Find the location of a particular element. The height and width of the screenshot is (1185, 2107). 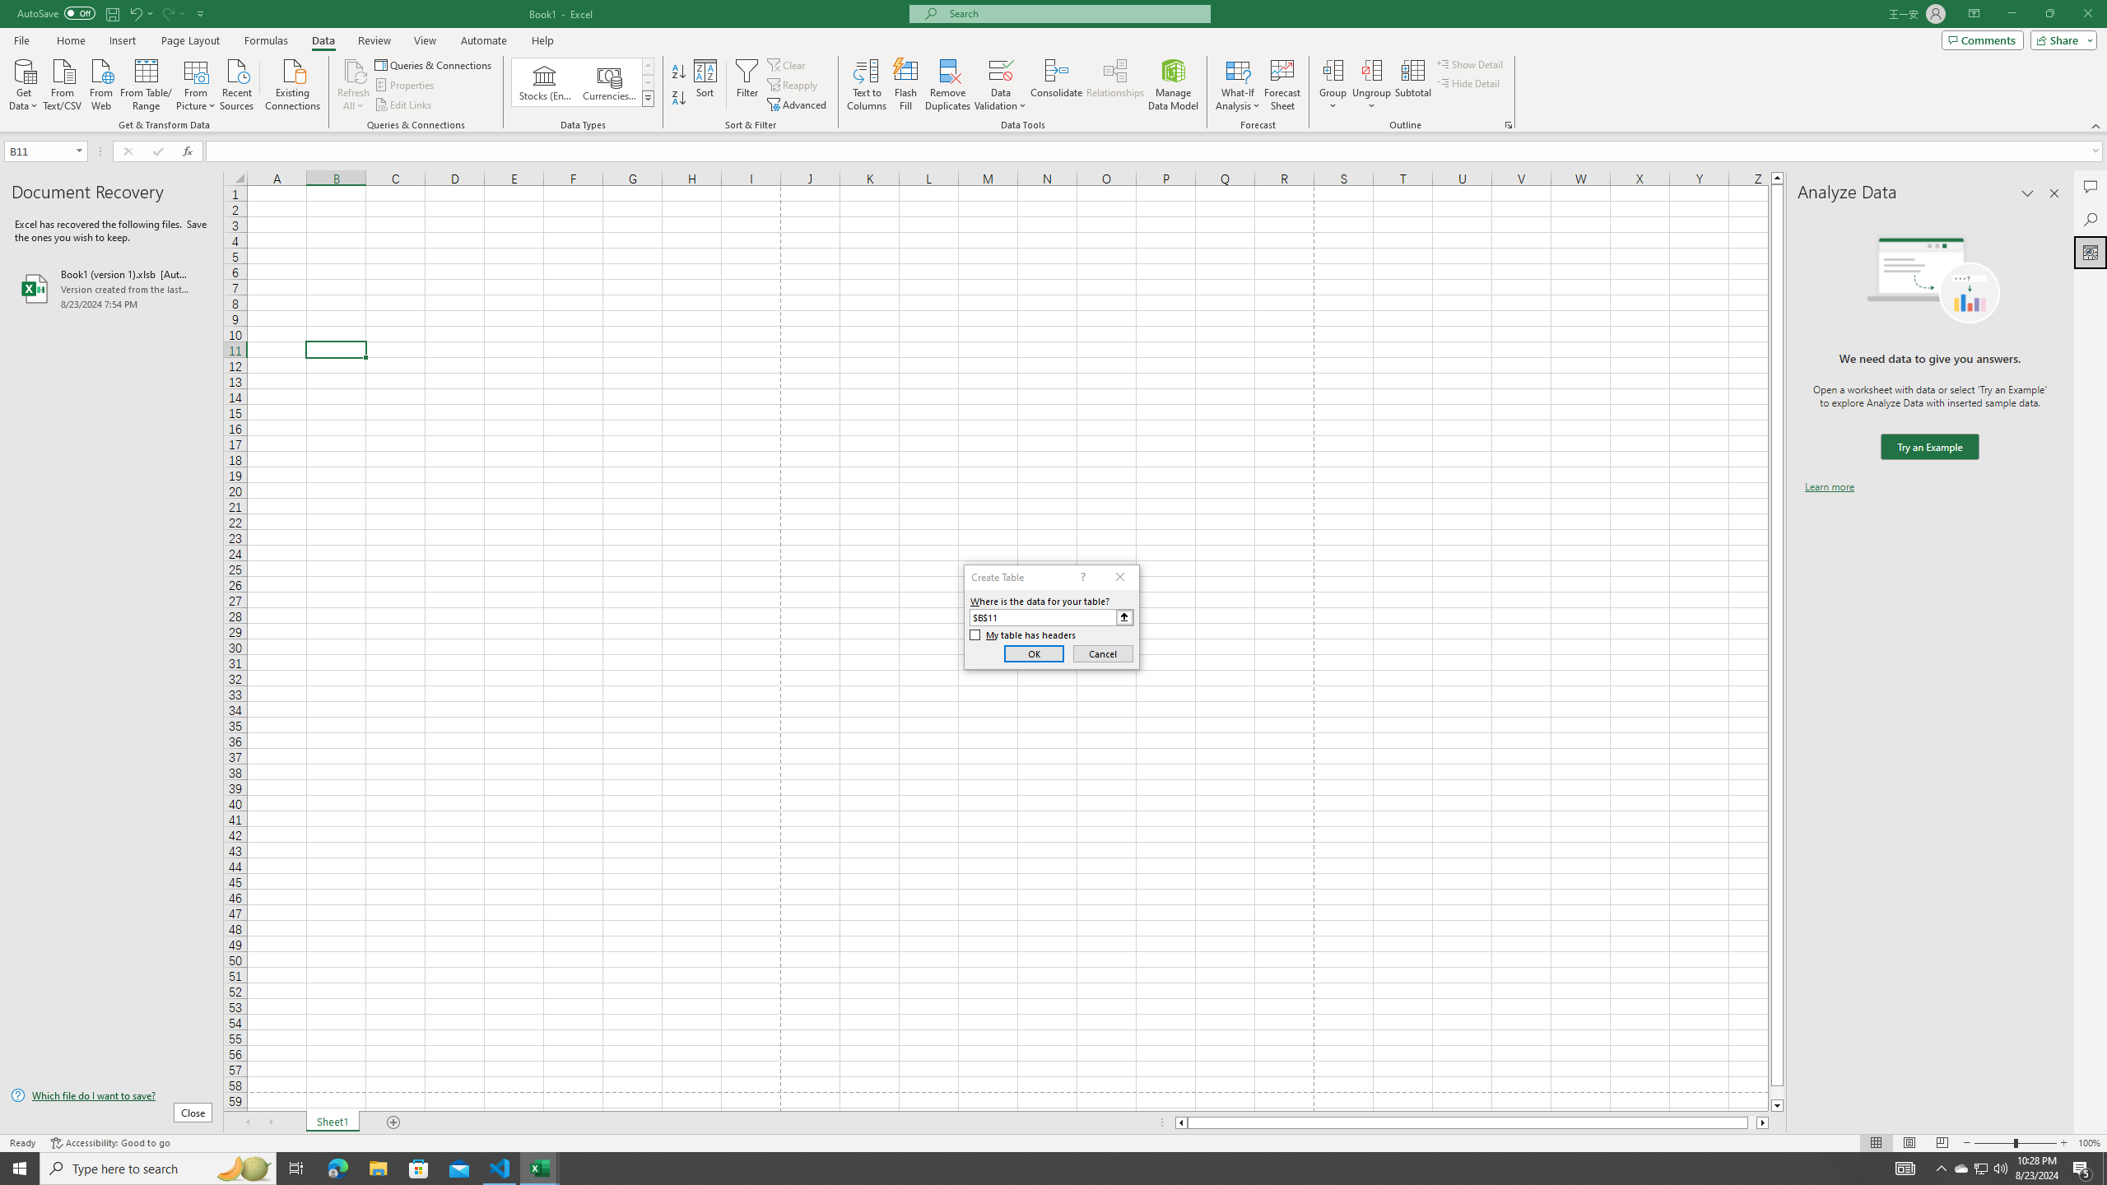

'Relationships' is located at coordinates (1114, 85).